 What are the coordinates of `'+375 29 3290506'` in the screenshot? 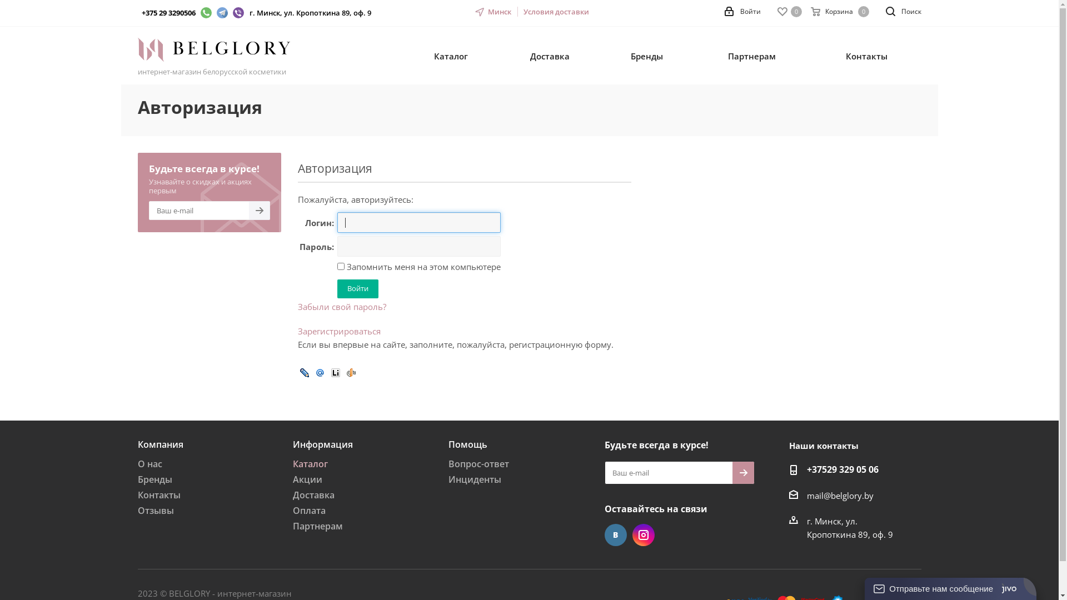 It's located at (141, 13).